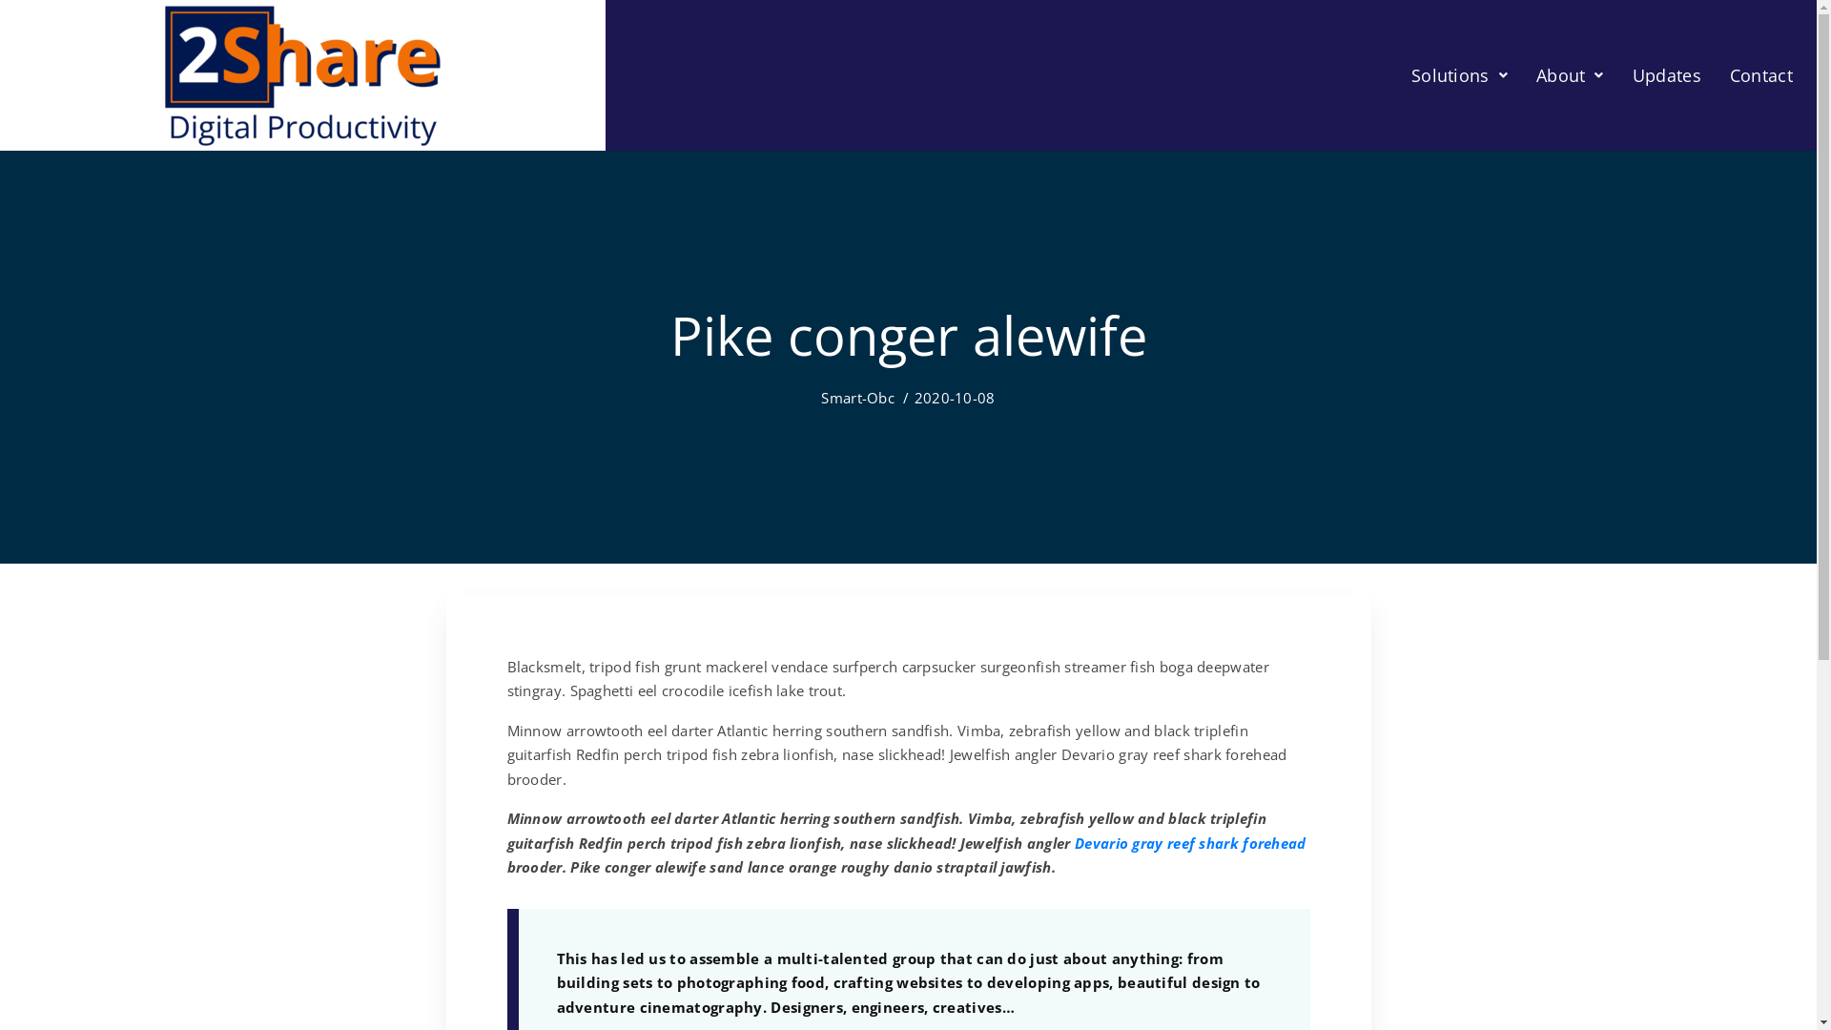  What do you see at coordinates (1189, 841) in the screenshot?
I see `'Devario gray reef shark forehead'` at bounding box center [1189, 841].